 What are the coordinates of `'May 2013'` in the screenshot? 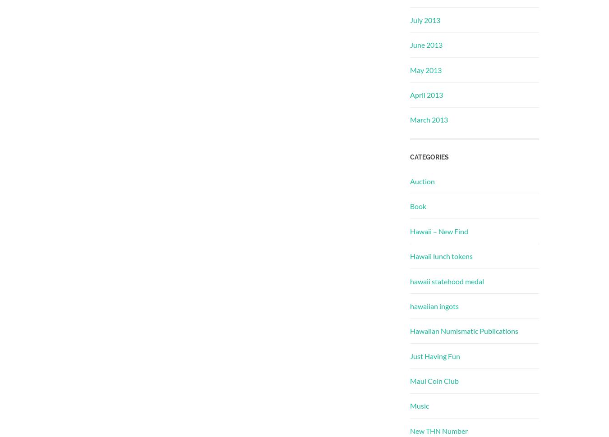 It's located at (425, 69).